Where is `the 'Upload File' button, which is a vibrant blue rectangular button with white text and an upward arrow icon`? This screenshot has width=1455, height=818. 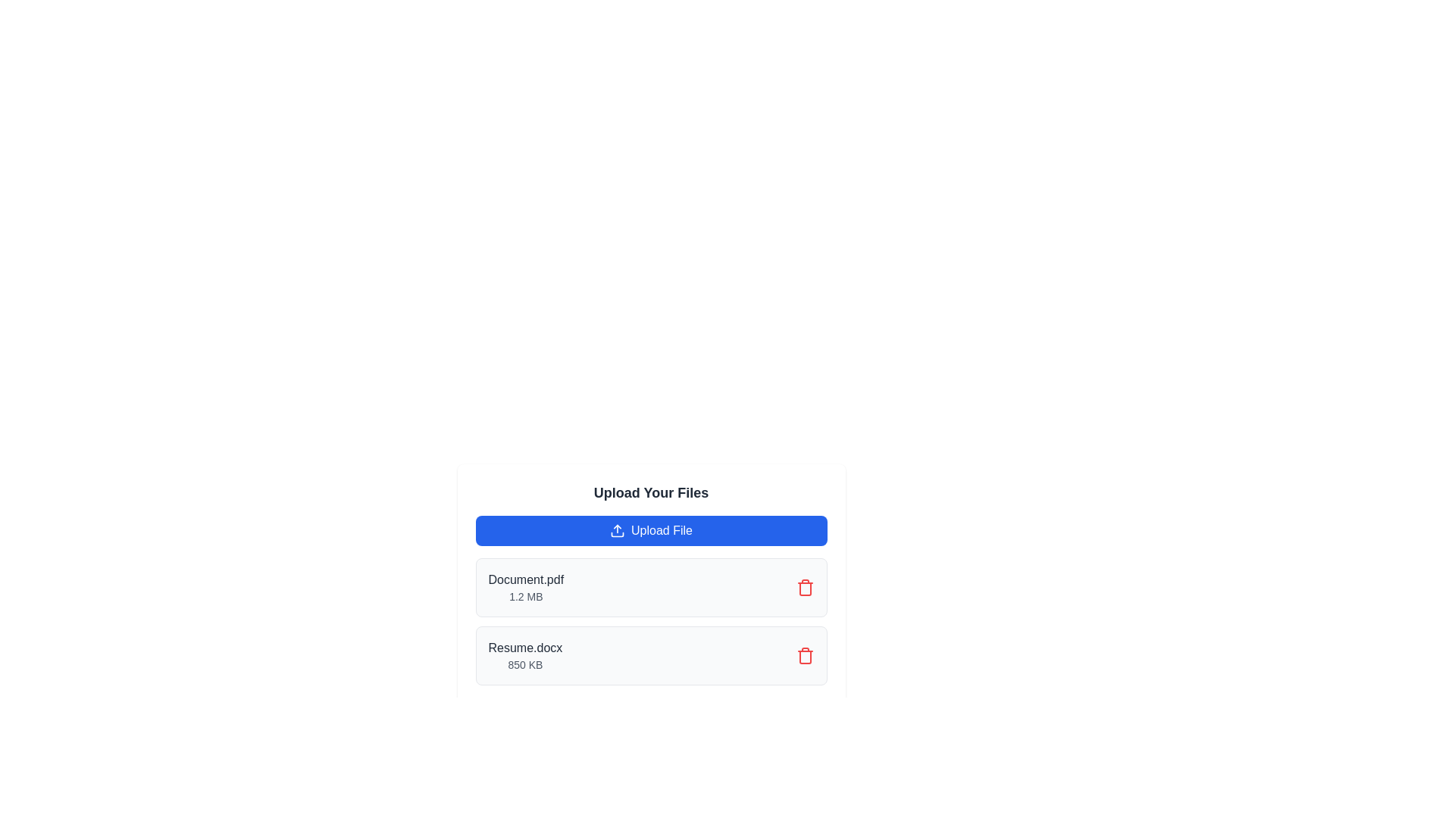
the 'Upload File' button, which is a vibrant blue rectangular button with white text and an upward arrow icon is located at coordinates (651, 530).